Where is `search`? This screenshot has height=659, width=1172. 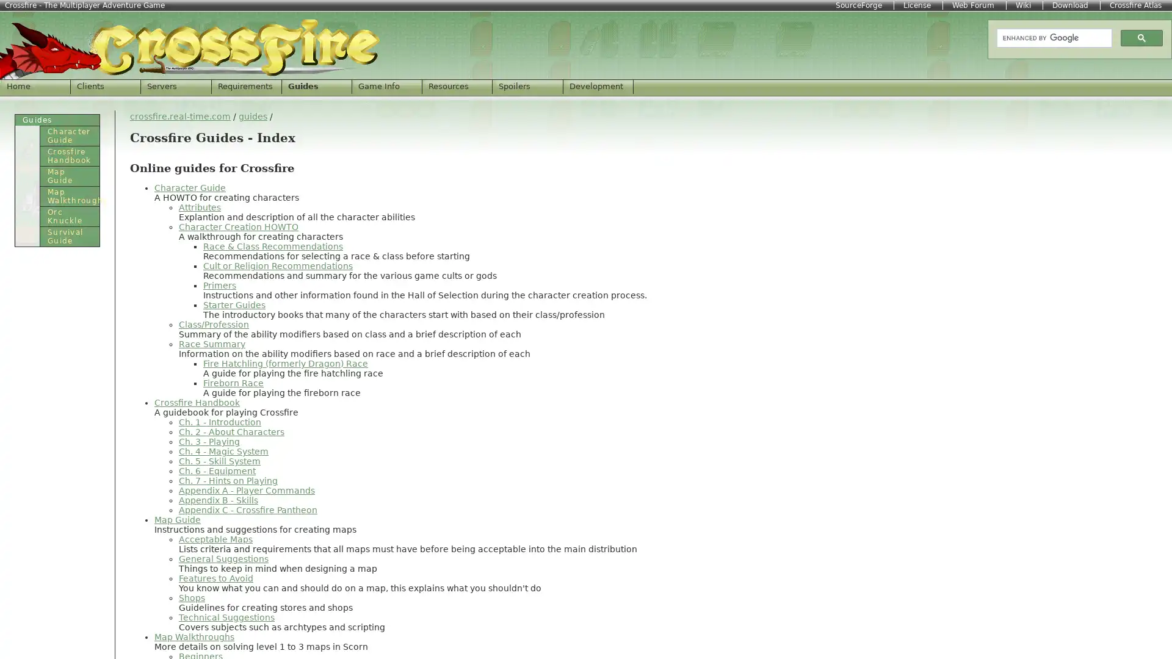
search is located at coordinates (1141, 37).